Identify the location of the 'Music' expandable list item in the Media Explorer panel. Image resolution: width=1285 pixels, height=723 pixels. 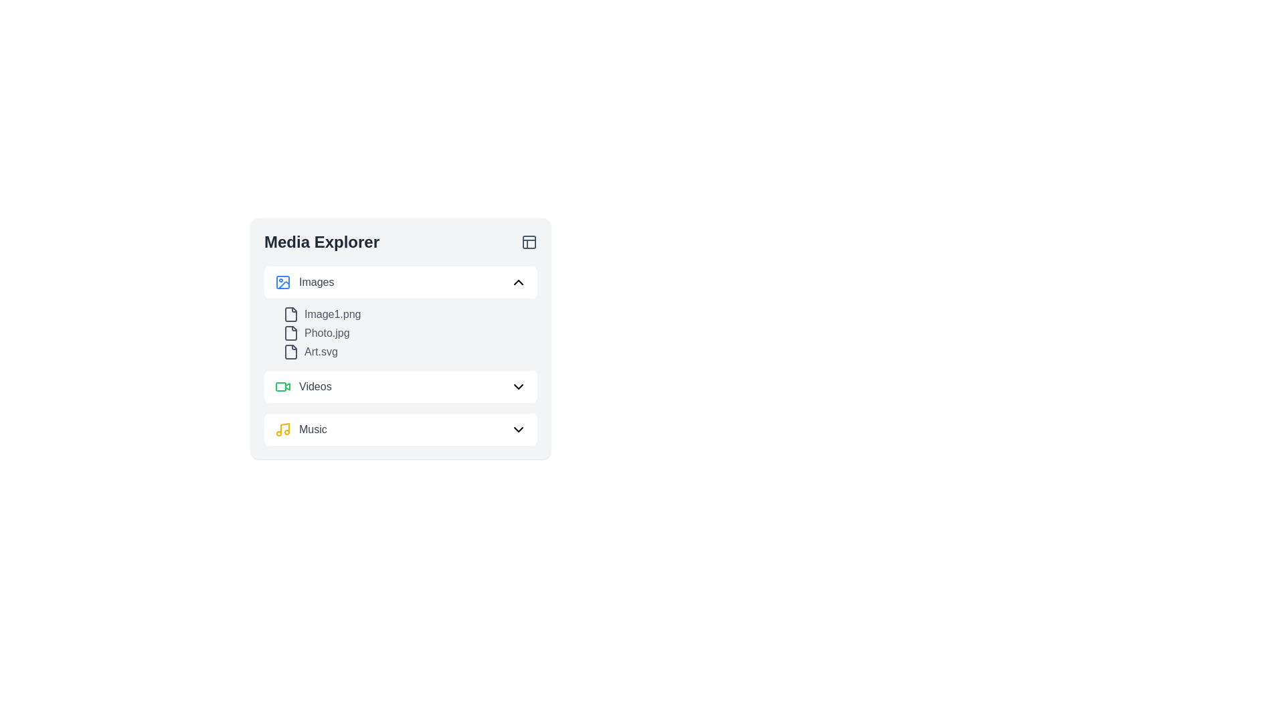
(400, 429).